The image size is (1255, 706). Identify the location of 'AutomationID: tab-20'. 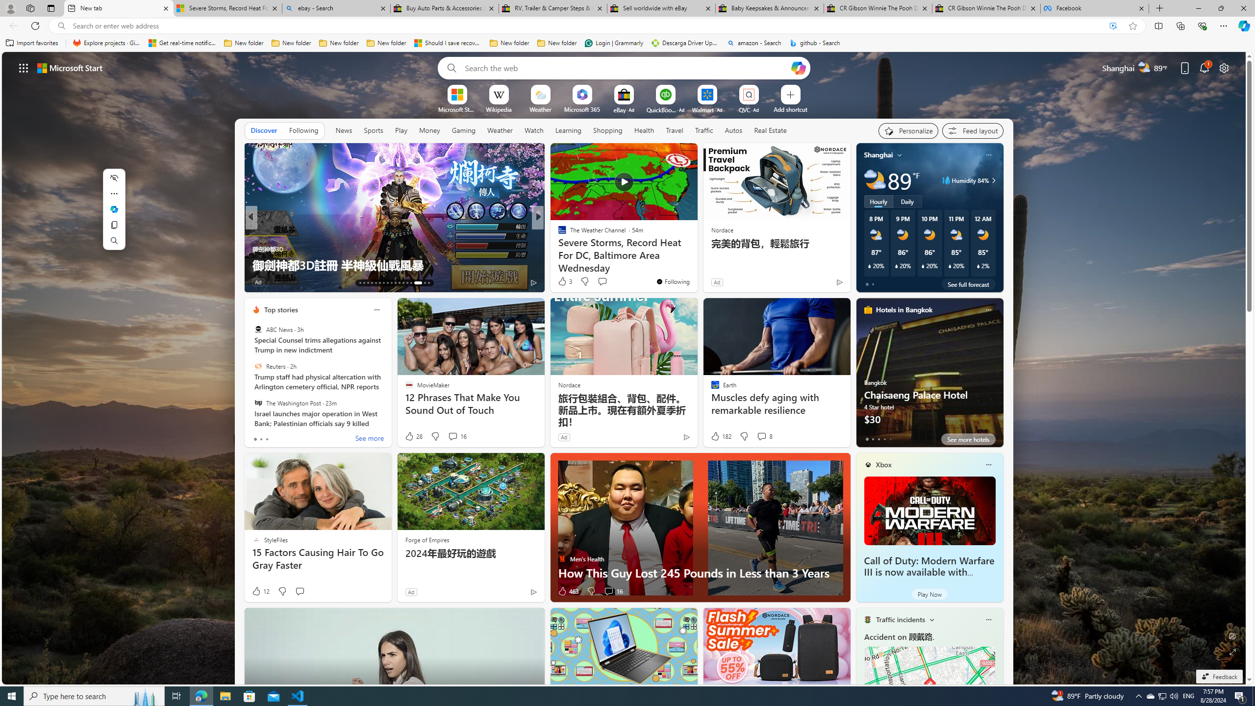
(387, 283).